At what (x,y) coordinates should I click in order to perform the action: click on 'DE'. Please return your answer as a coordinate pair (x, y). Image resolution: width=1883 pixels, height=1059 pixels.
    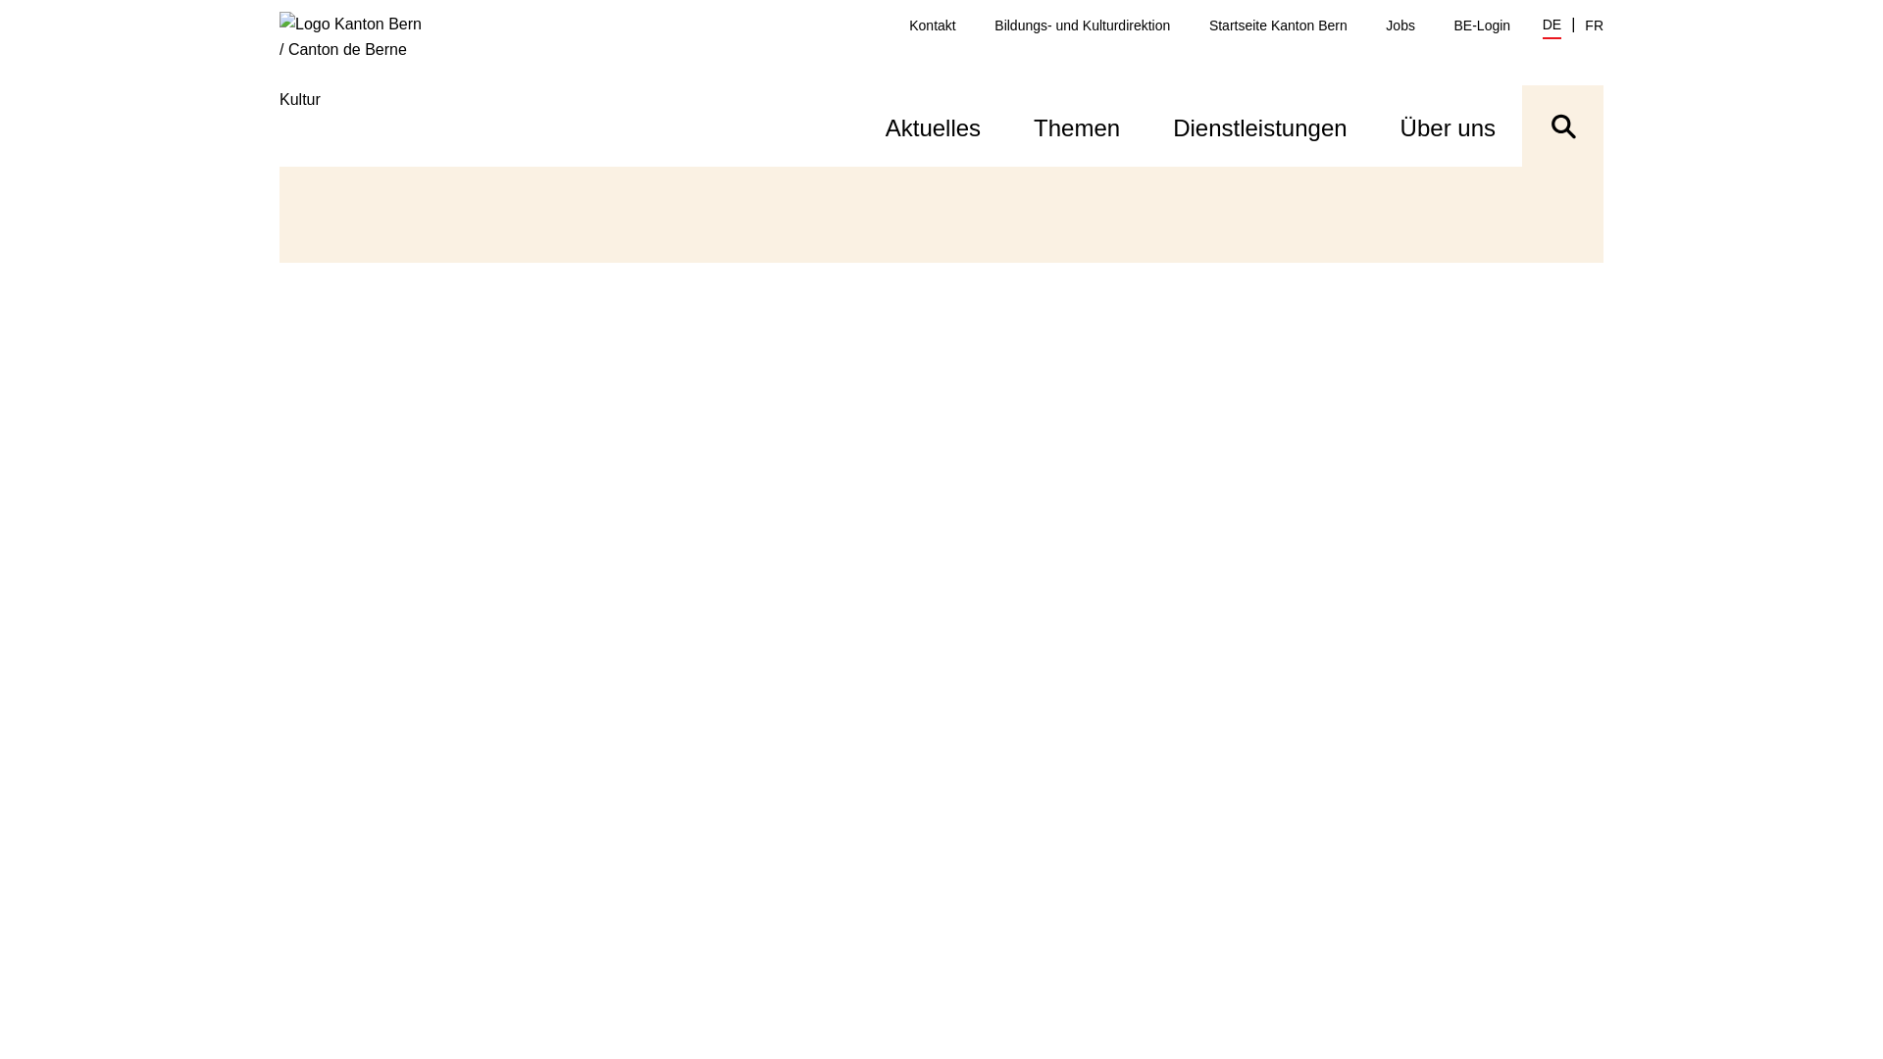
    Looking at the image, I should click on (1542, 26).